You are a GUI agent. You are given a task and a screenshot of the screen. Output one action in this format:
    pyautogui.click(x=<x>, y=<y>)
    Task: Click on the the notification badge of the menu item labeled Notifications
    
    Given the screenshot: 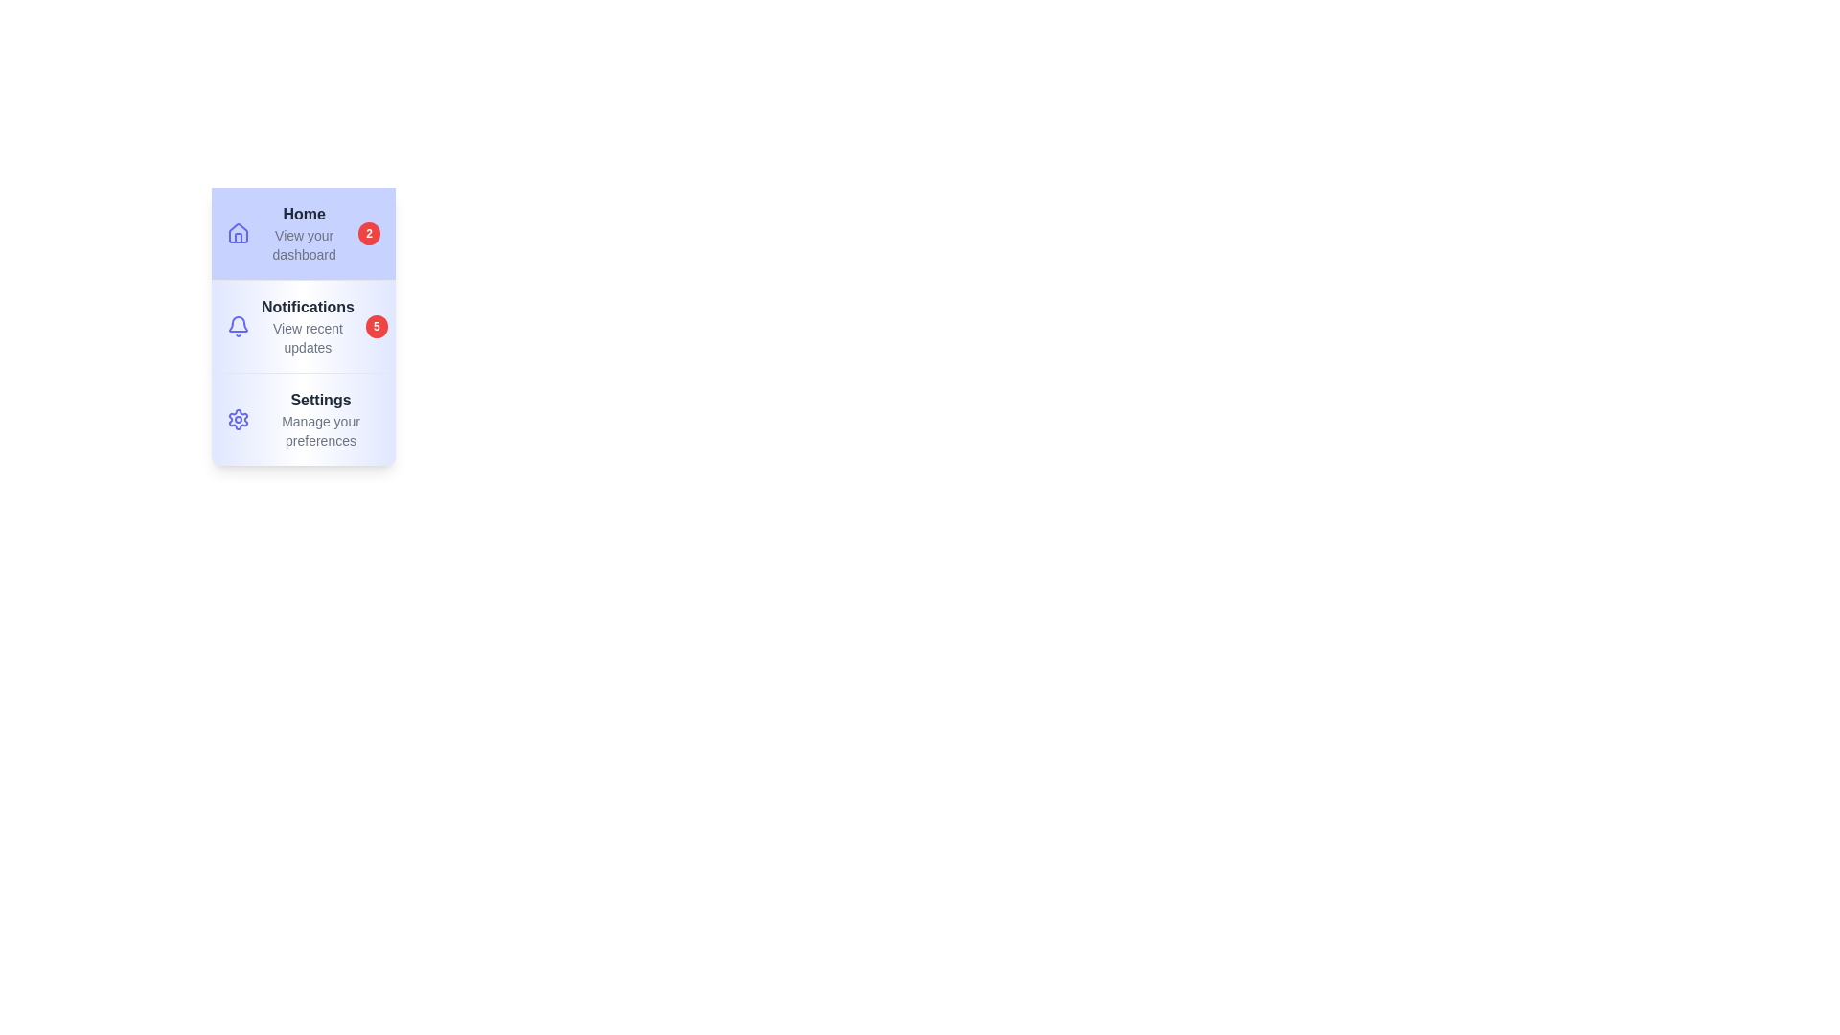 What is the action you would take?
    pyautogui.click(x=377, y=325)
    